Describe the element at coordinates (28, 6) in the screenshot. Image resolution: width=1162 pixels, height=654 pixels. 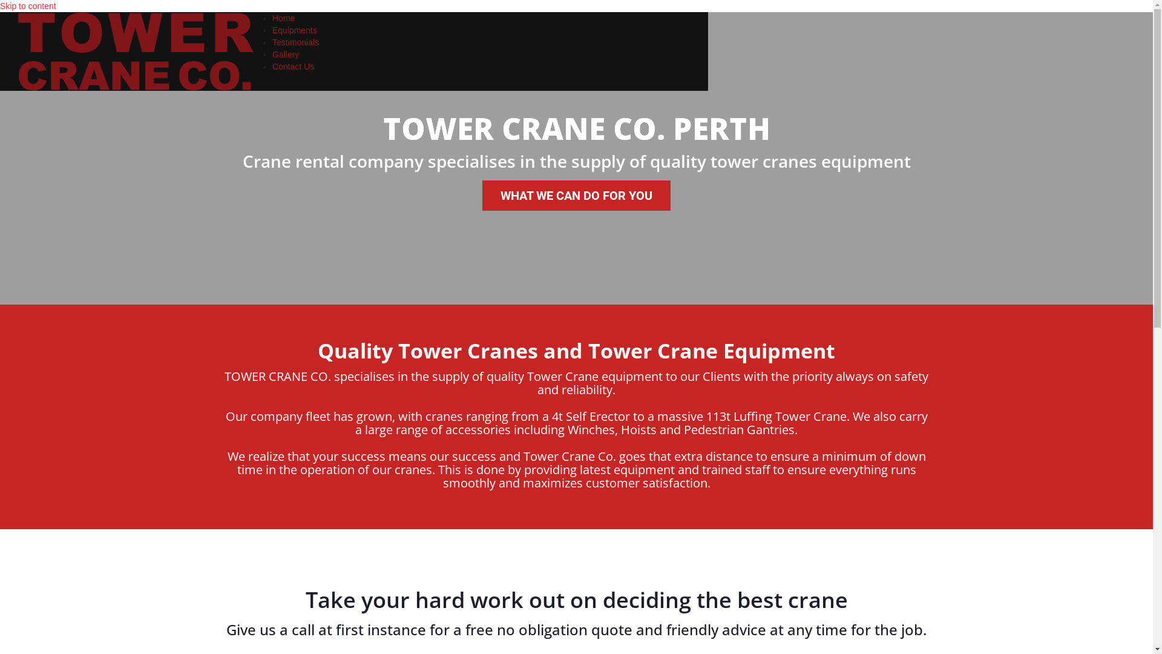
I see `'Skip to content'` at that location.